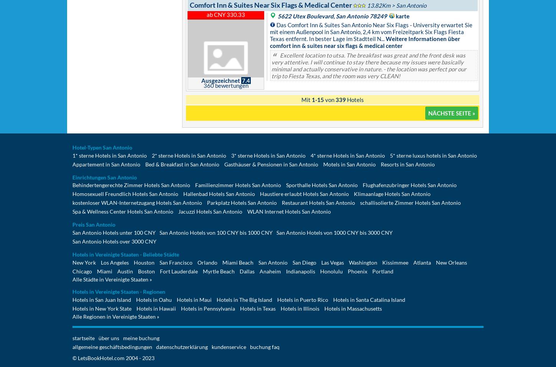  I want to click on 'Indianapolis', so click(301, 271).